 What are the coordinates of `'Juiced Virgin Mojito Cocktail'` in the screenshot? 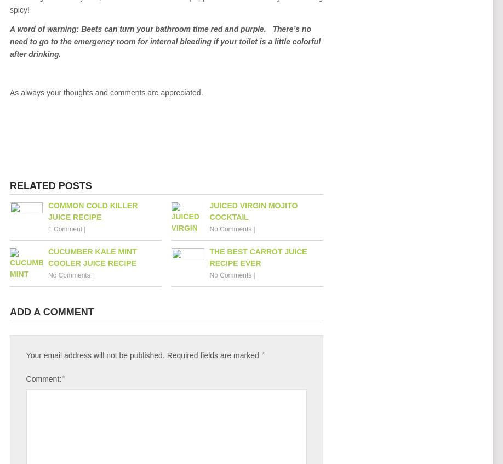 It's located at (253, 211).